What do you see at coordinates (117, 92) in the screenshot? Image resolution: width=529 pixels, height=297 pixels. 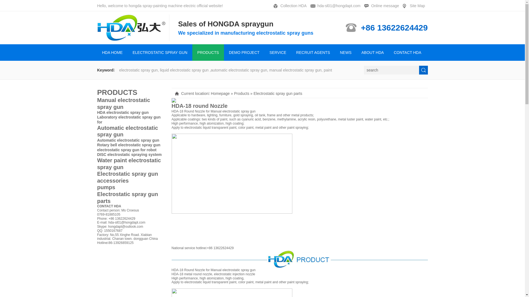 I see `'PRODUCTS'` at bounding box center [117, 92].